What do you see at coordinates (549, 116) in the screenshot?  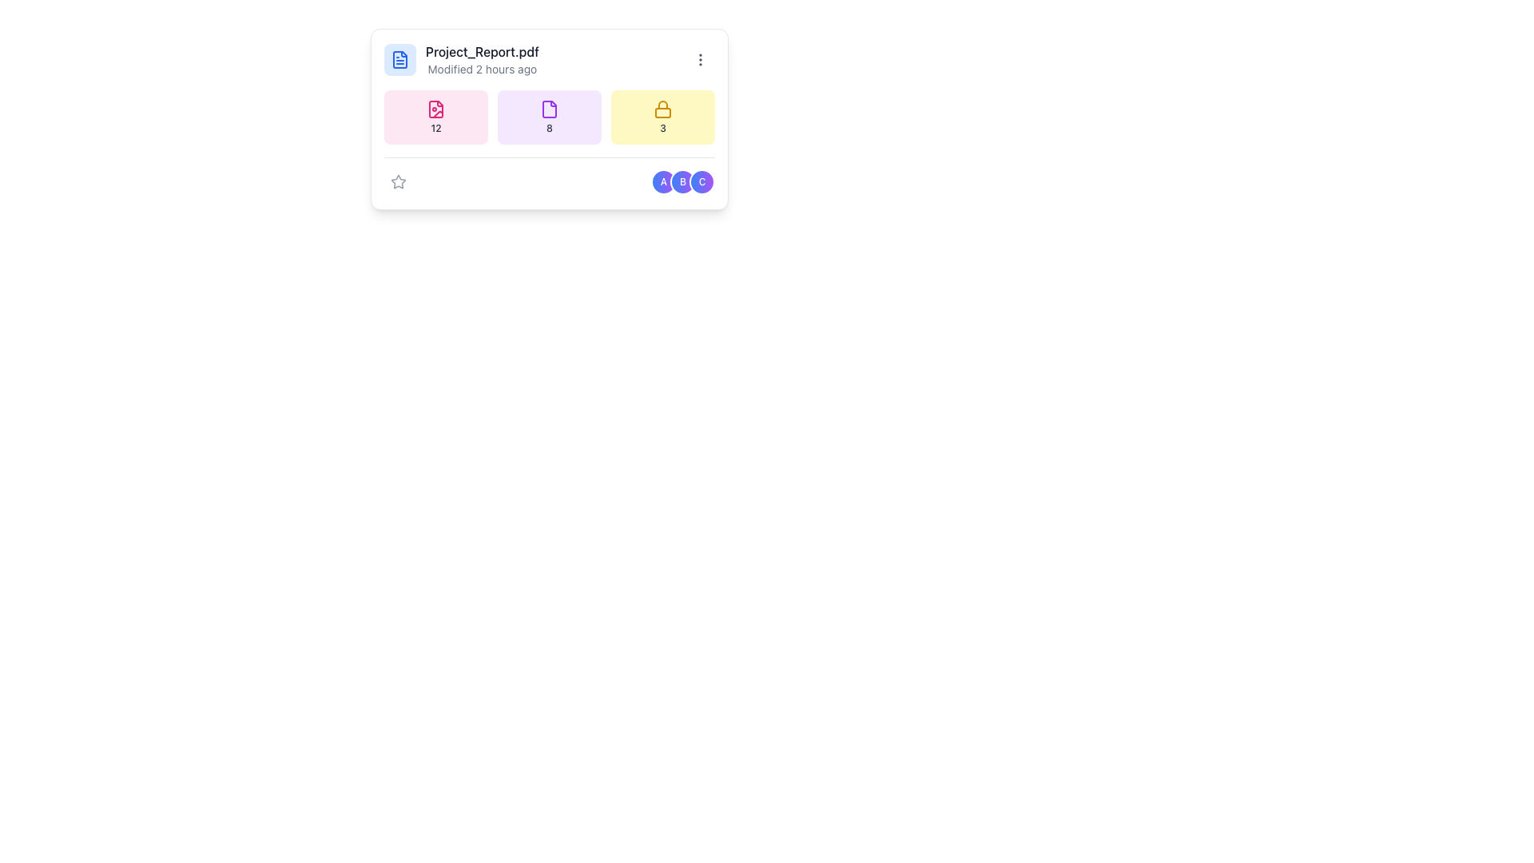 I see `the middle category card in the grid` at bounding box center [549, 116].